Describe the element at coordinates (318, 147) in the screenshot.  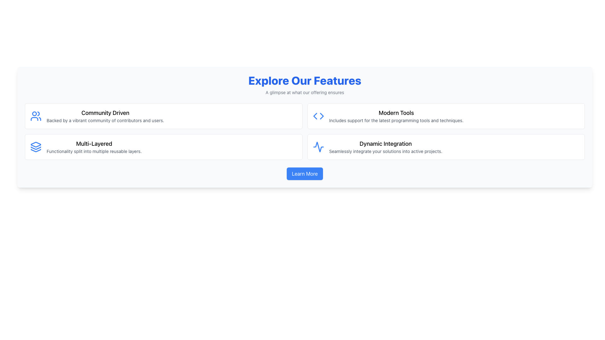
I see `the 'Dynamic Integration' icon located in the bottom-right corner of the grid under the 'Explore Our Features' section` at that location.